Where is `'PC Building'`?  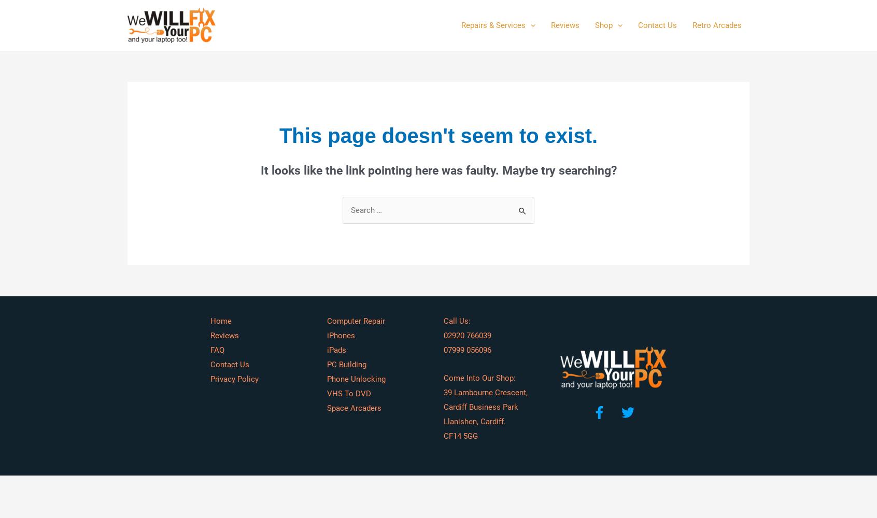
'PC Building' is located at coordinates (347, 364).